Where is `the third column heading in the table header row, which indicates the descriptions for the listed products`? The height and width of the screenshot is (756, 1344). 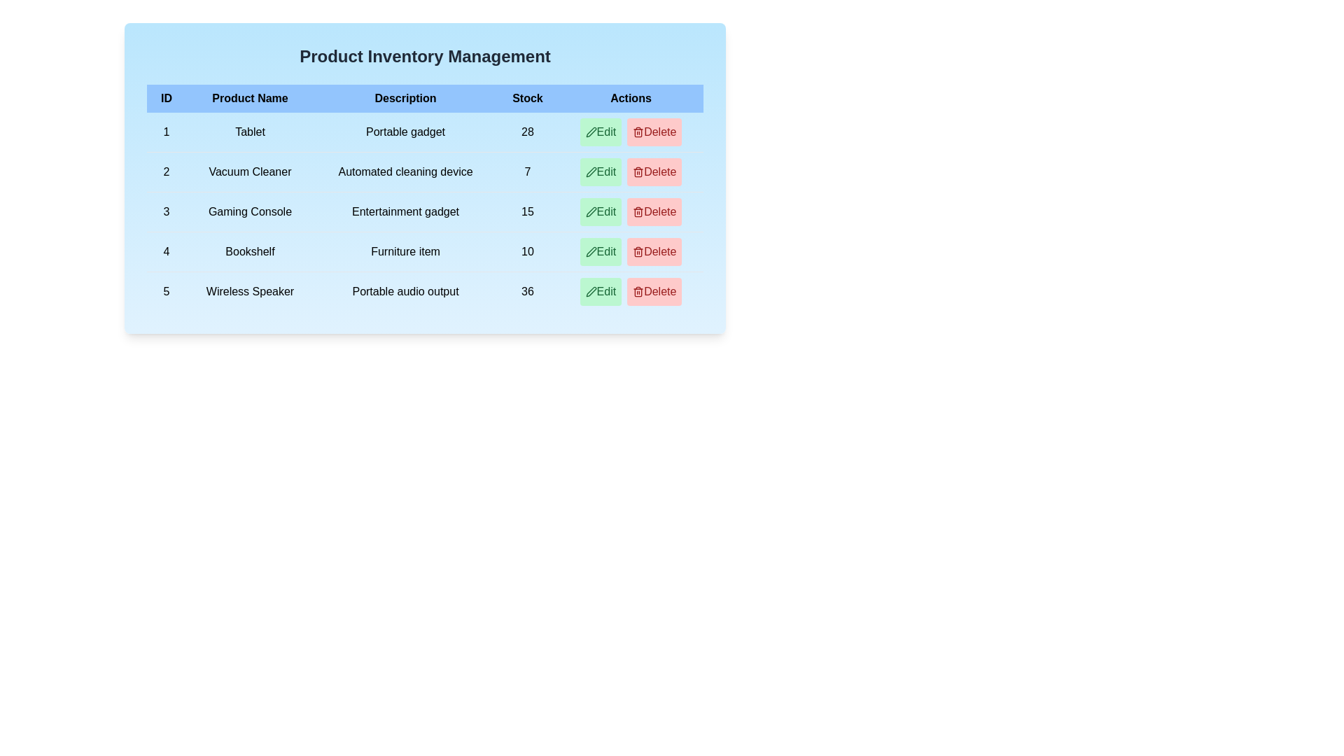 the third column heading in the table header row, which indicates the descriptions for the listed products is located at coordinates (405, 98).